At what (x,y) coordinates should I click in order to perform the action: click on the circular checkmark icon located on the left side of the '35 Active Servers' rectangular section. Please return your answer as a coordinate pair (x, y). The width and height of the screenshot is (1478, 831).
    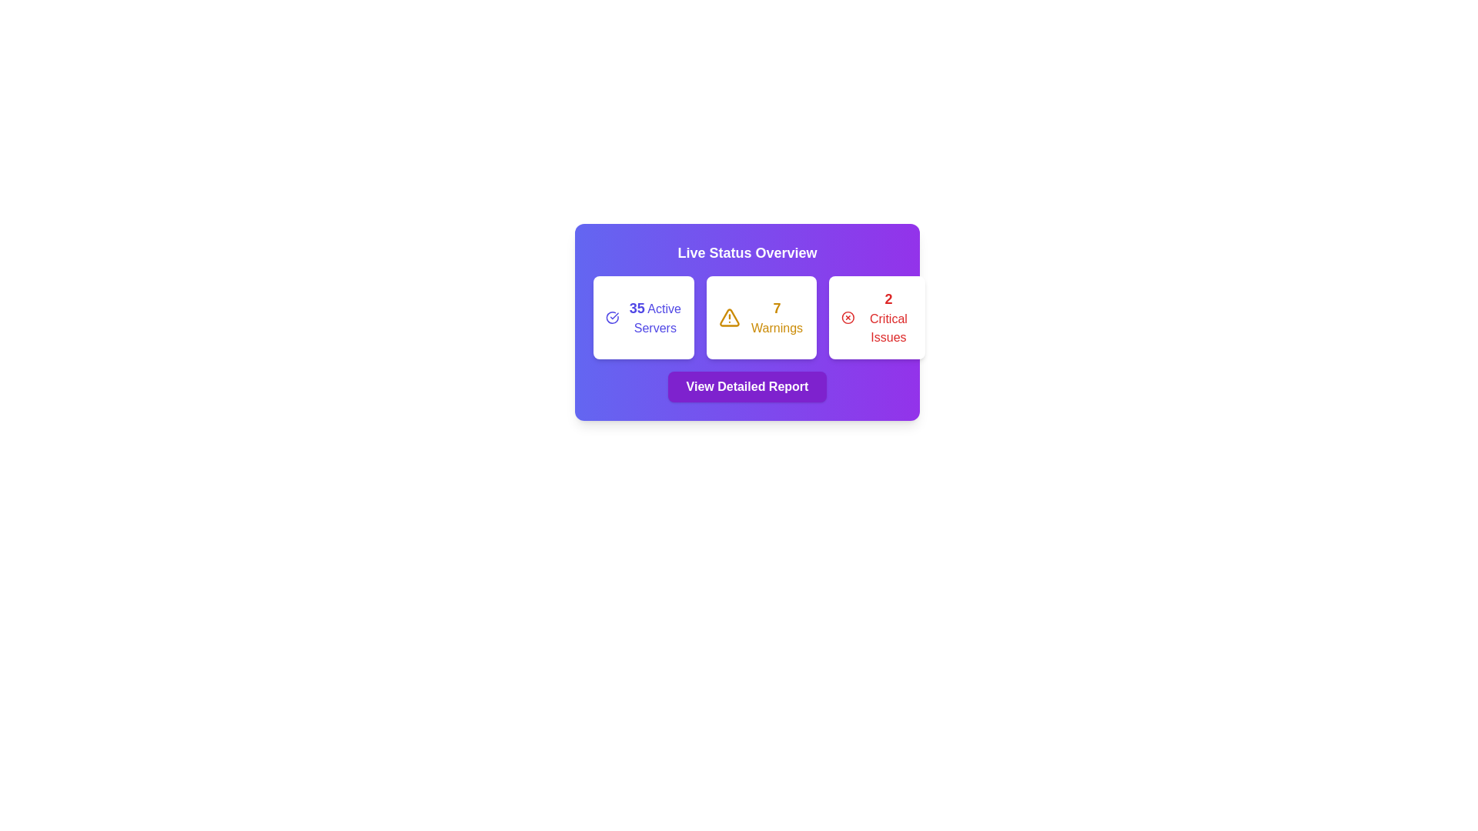
    Looking at the image, I should click on (611, 316).